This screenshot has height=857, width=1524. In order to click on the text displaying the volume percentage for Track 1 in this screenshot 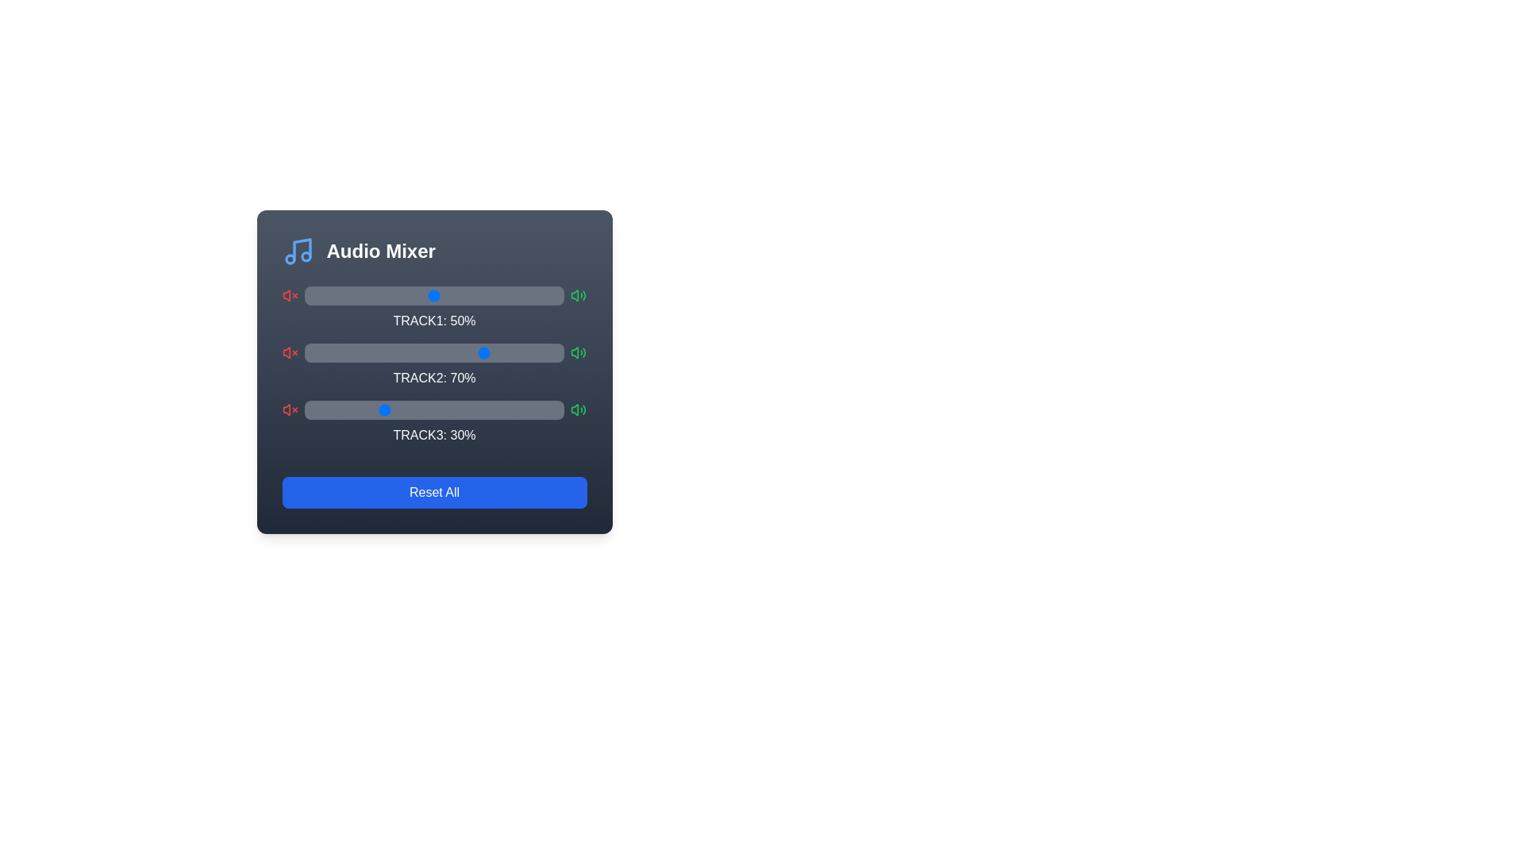, I will do `click(434, 321)`.